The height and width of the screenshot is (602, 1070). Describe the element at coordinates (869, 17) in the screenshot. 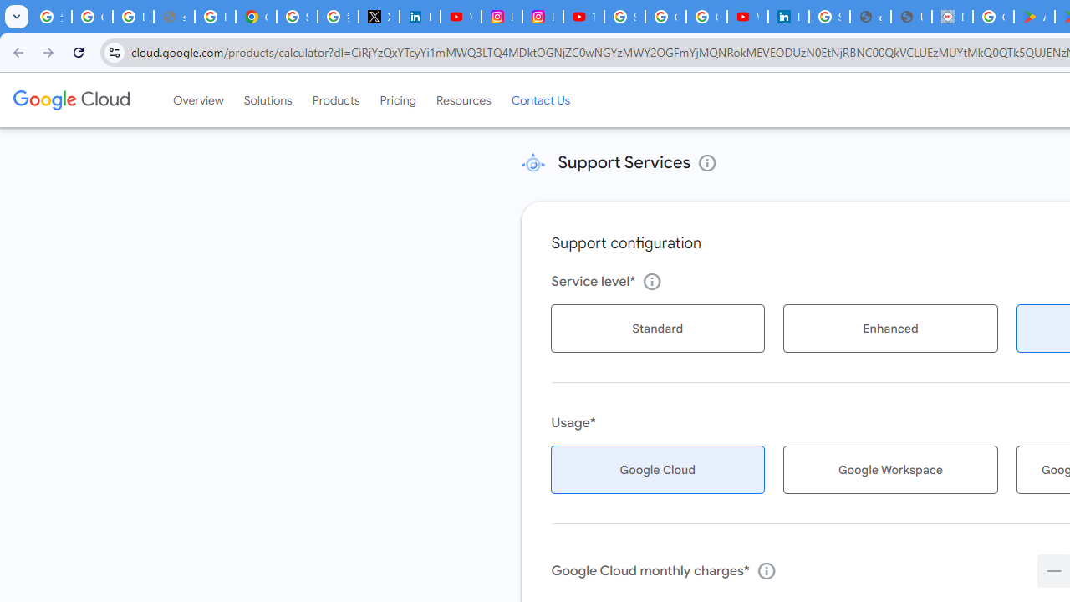

I see `'google_privacy_policy_en.pdf'` at that location.